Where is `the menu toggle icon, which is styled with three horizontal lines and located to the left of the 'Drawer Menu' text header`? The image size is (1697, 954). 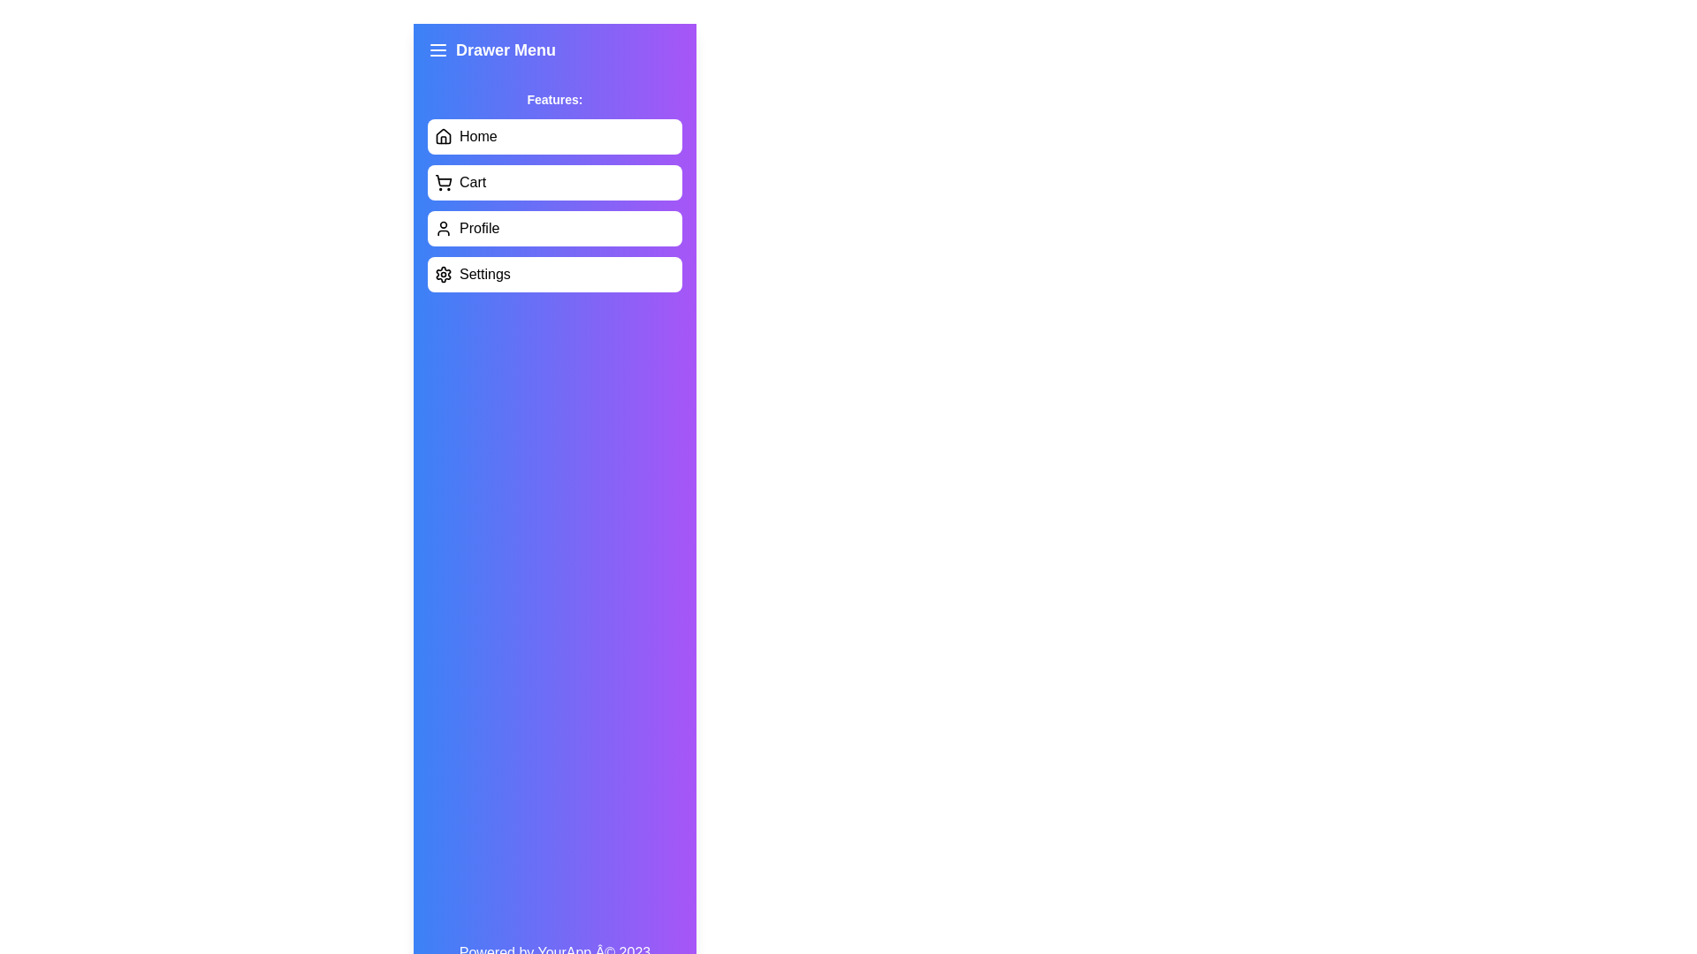 the menu toggle icon, which is styled with three horizontal lines and located to the left of the 'Drawer Menu' text header is located at coordinates (438, 49).